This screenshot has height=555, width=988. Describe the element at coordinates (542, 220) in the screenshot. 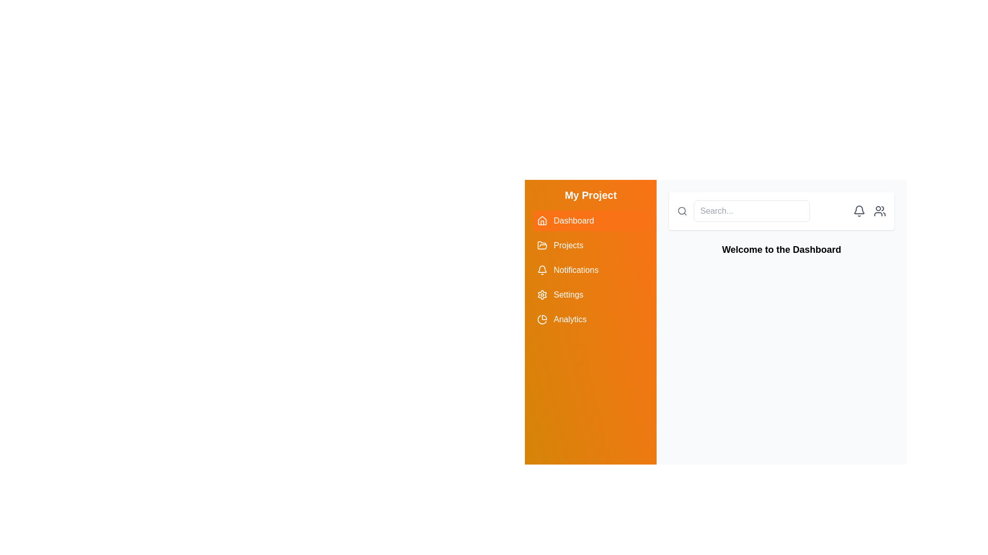

I see `the SVG icon resembling a house shape, which is the leading icon for the 'Dashboard' menu item in the orange-shaded sidebar menu` at that location.